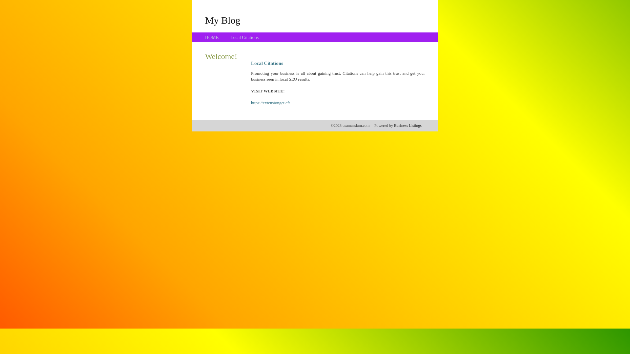  Describe the element at coordinates (204, 37) in the screenshot. I see `'HOME'` at that location.